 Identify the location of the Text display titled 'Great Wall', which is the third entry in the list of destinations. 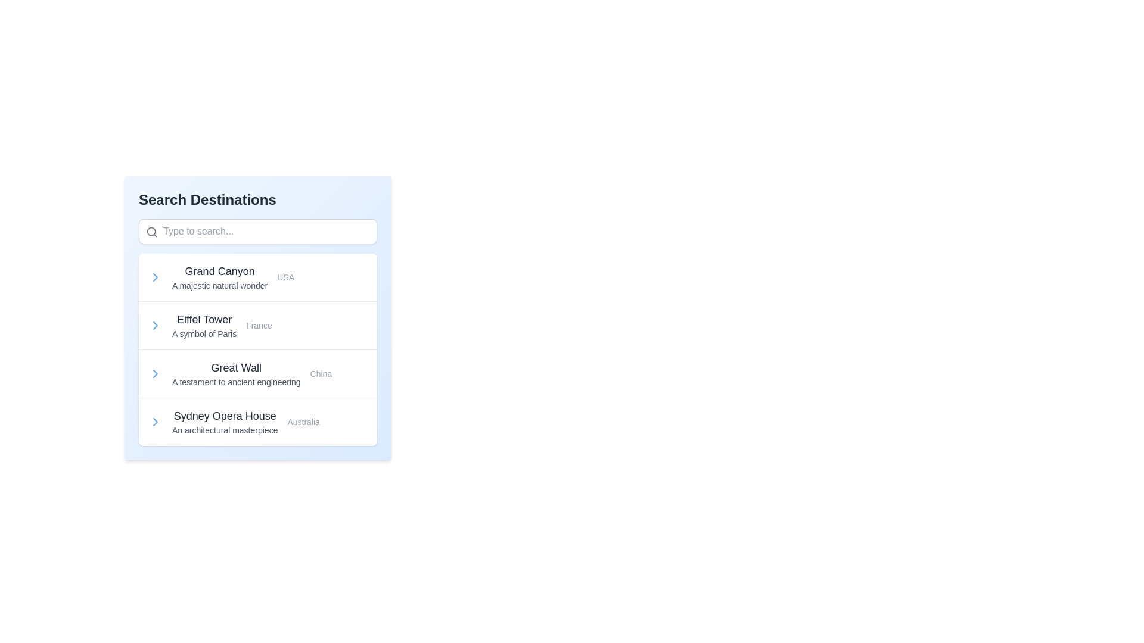
(236, 373).